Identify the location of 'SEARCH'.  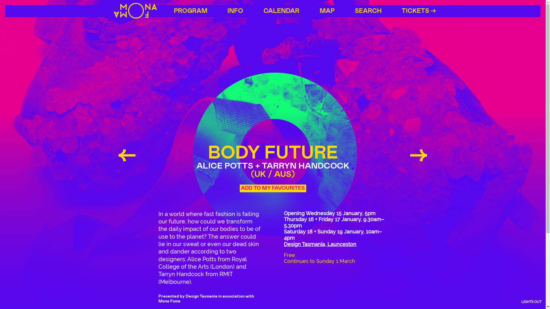
(368, 11).